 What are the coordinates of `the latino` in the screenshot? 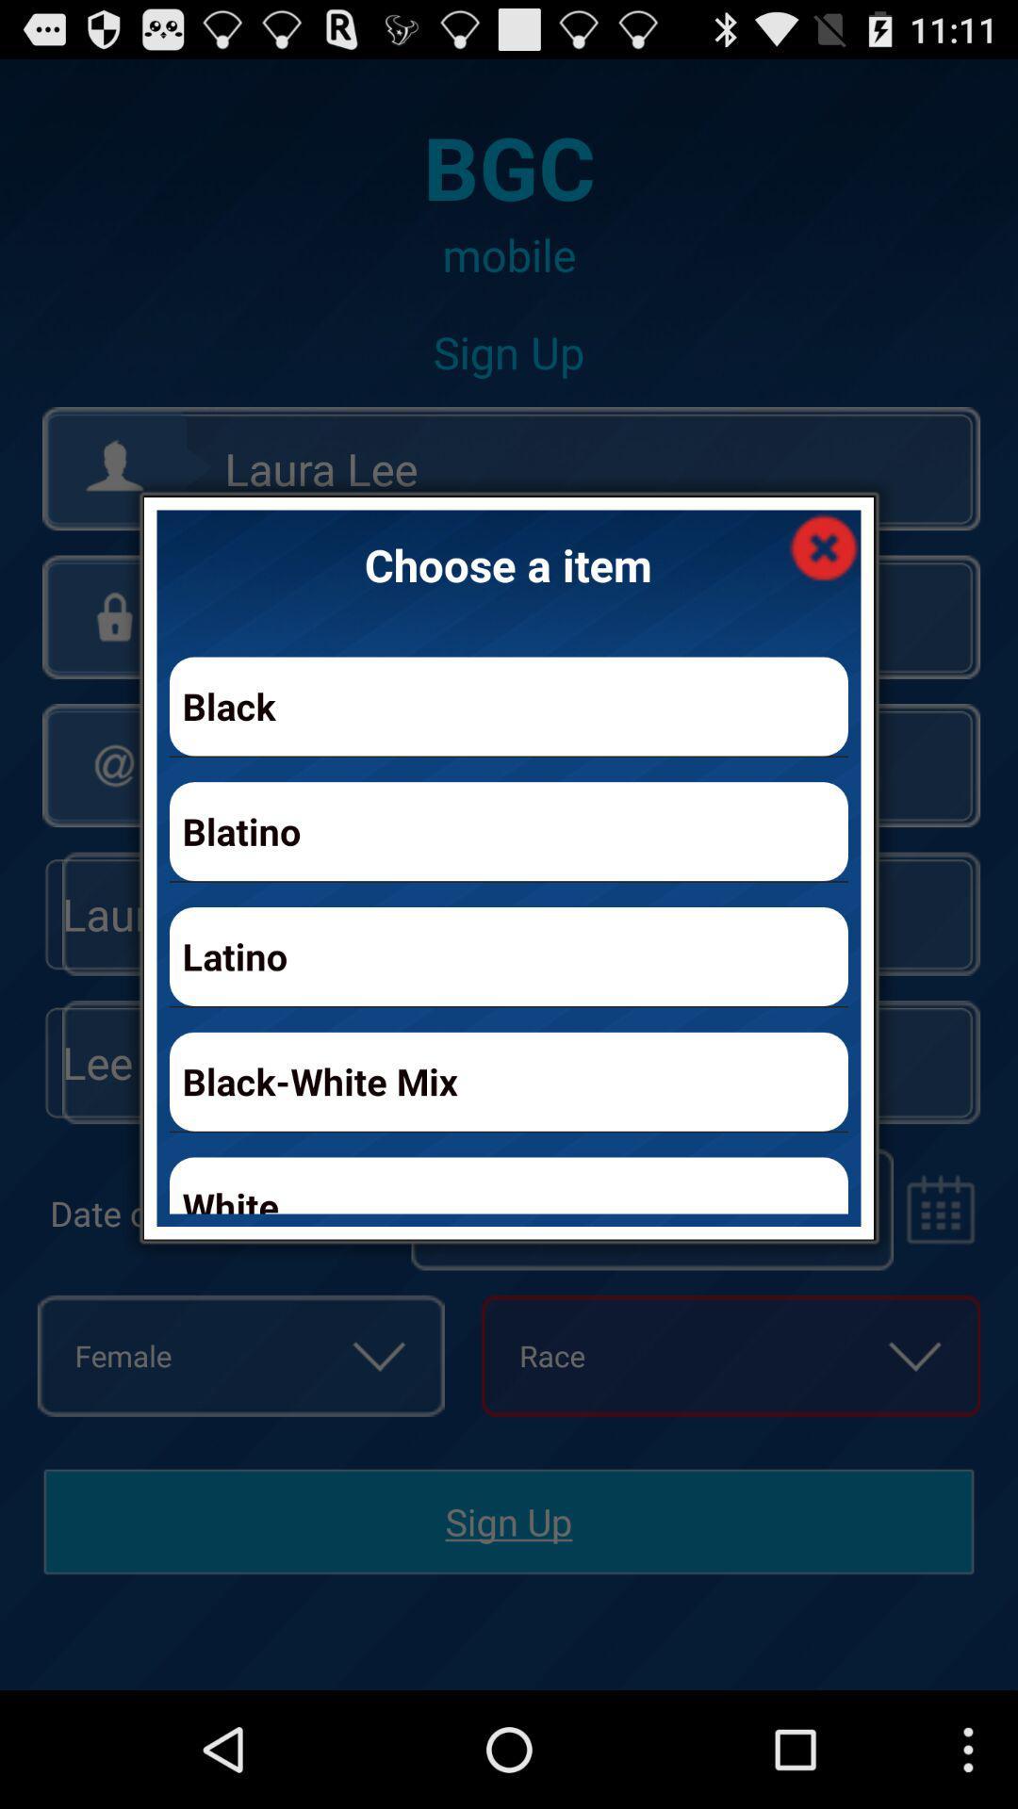 It's located at (509, 956).